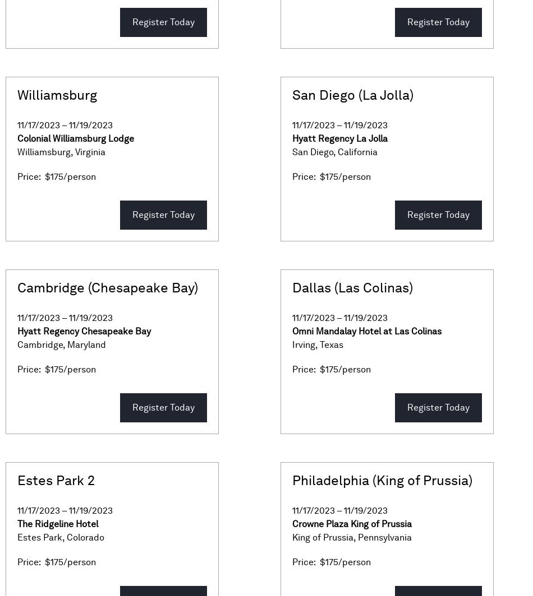  What do you see at coordinates (292, 344) in the screenshot?
I see `'Irving'` at bounding box center [292, 344].